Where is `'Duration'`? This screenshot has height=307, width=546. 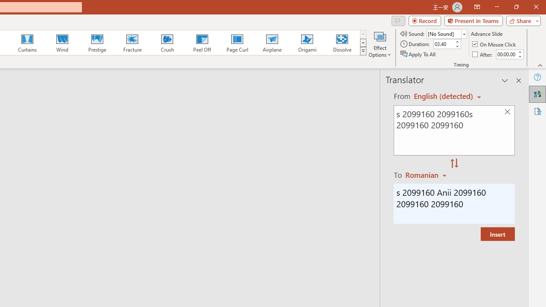
'Duration' is located at coordinates (444, 44).